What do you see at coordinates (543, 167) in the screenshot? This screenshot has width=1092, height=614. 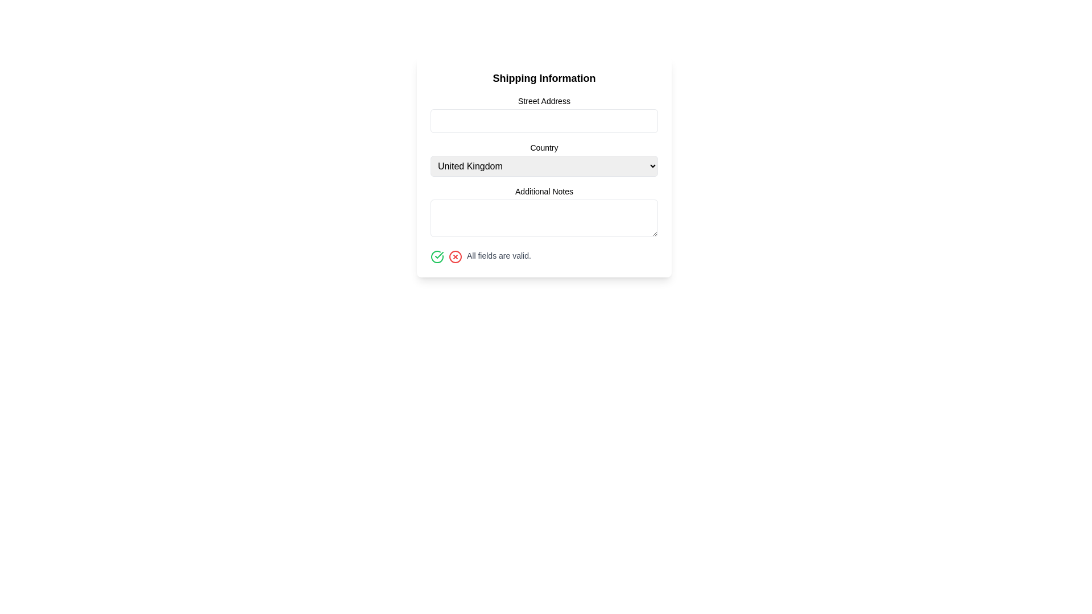 I see `to open the 'Country' dropdown menu, which is the second interactive field in the 'Shipping Information' form, located below the 'Street Address' input` at bounding box center [543, 167].